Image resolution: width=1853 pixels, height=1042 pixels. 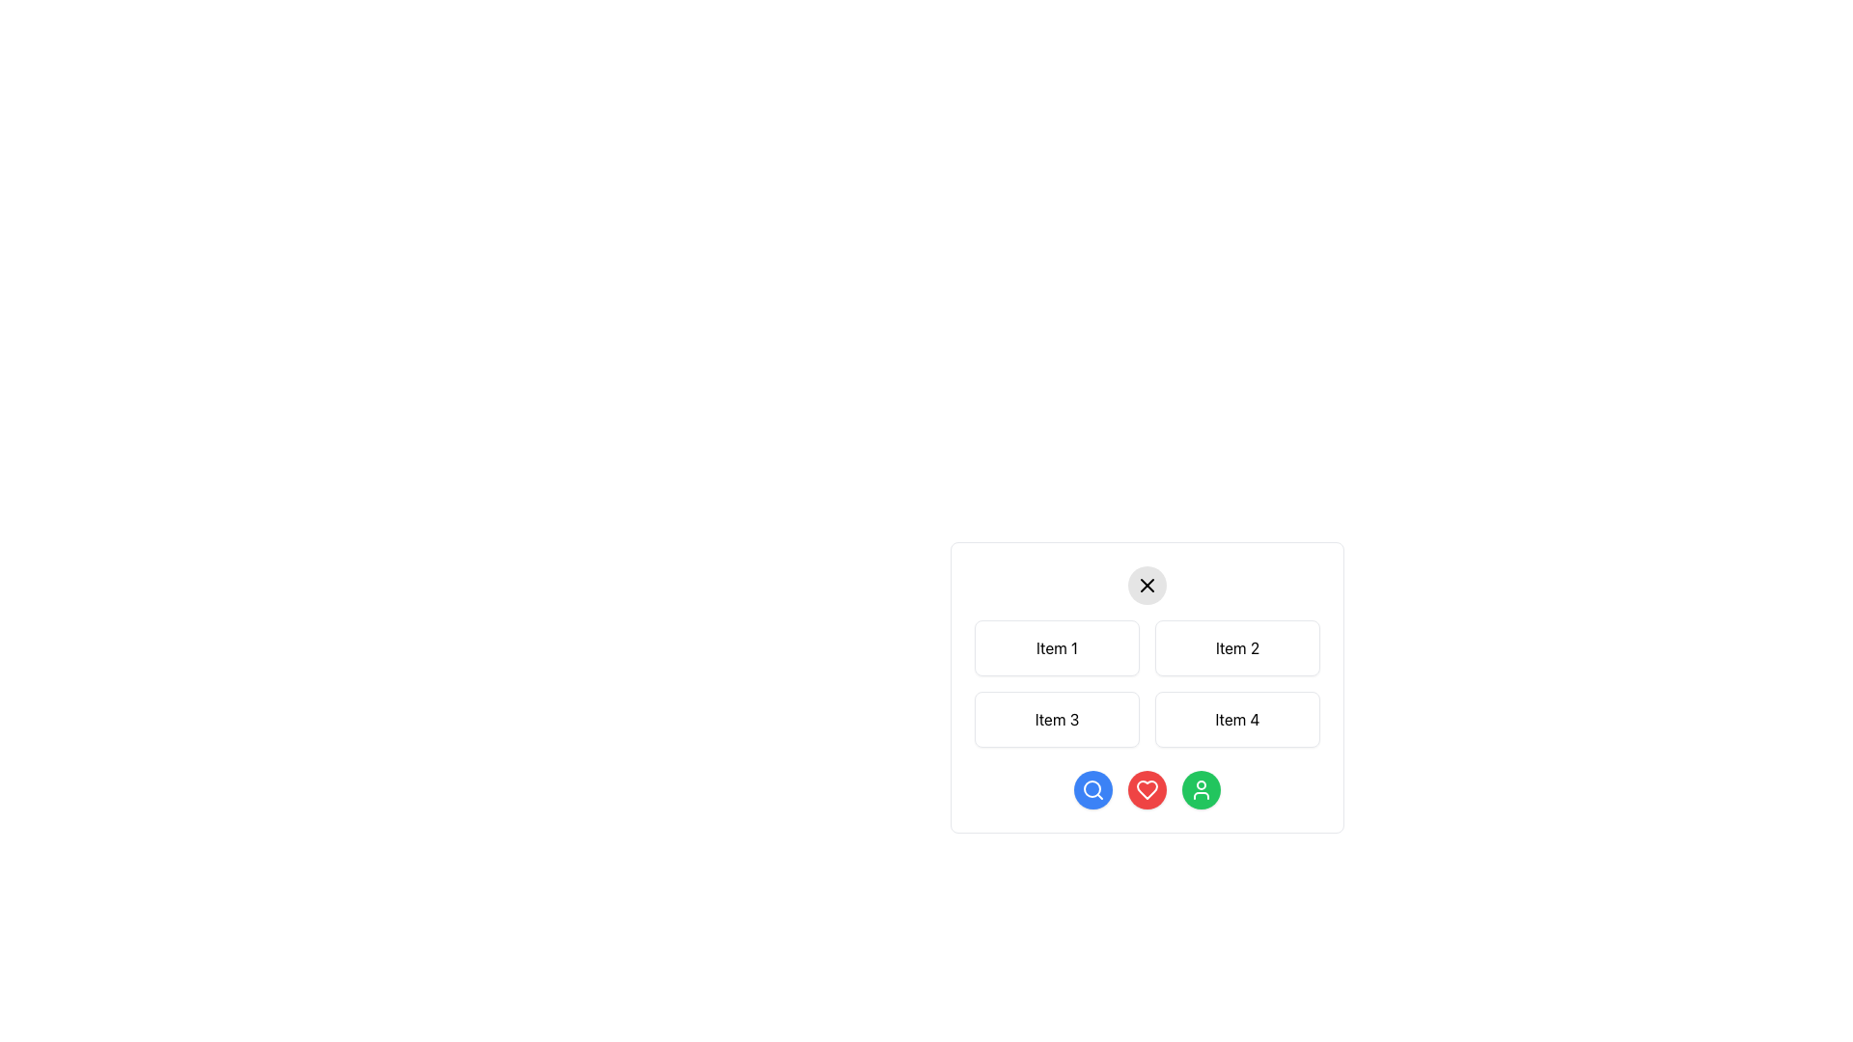 I want to click on the button associated with 'Item 3' in the grid layout, so click(x=1056, y=719).